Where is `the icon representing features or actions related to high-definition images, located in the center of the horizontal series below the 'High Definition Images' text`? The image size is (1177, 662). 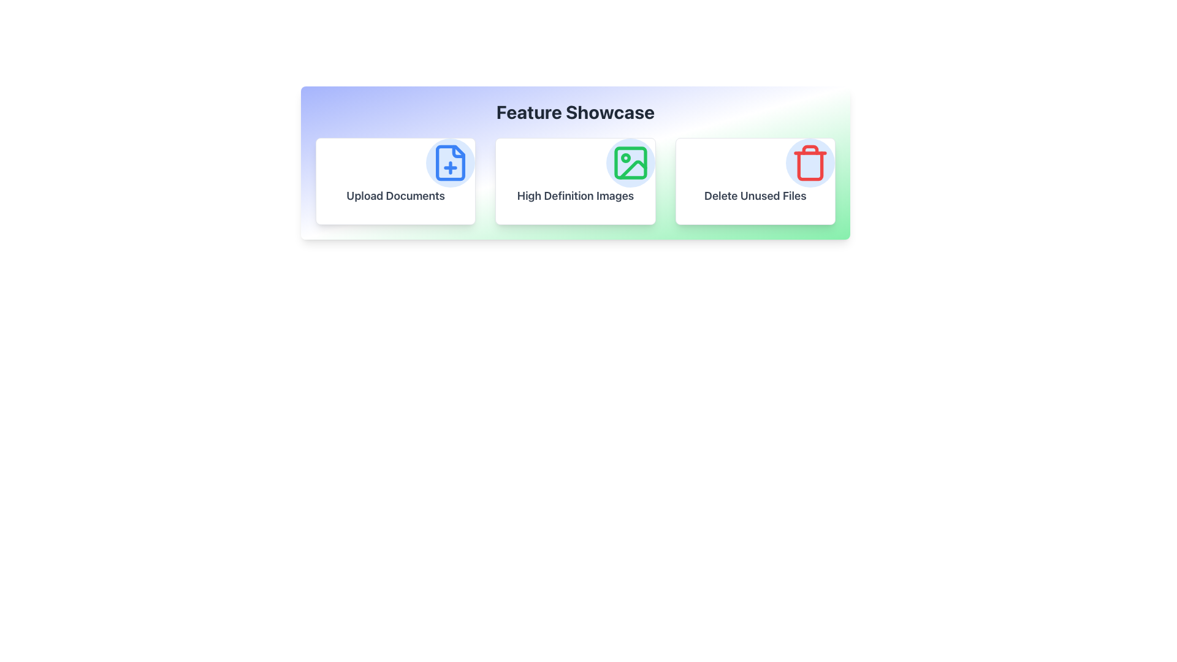 the icon representing features or actions related to high-definition images, located in the center of the horizontal series below the 'High Definition Images' text is located at coordinates (630, 162).